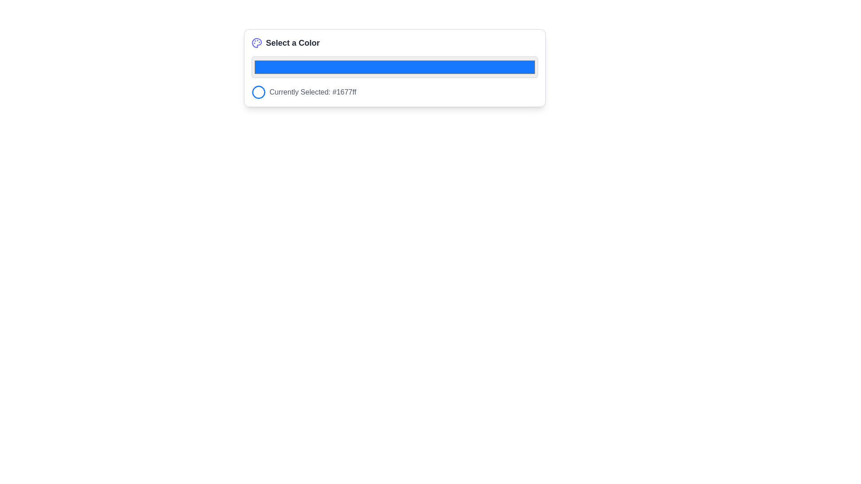  I want to click on the vibrant indigo painter's palette icon, which is located at the far left of the group preceding the text 'Select a Color', so click(256, 43).